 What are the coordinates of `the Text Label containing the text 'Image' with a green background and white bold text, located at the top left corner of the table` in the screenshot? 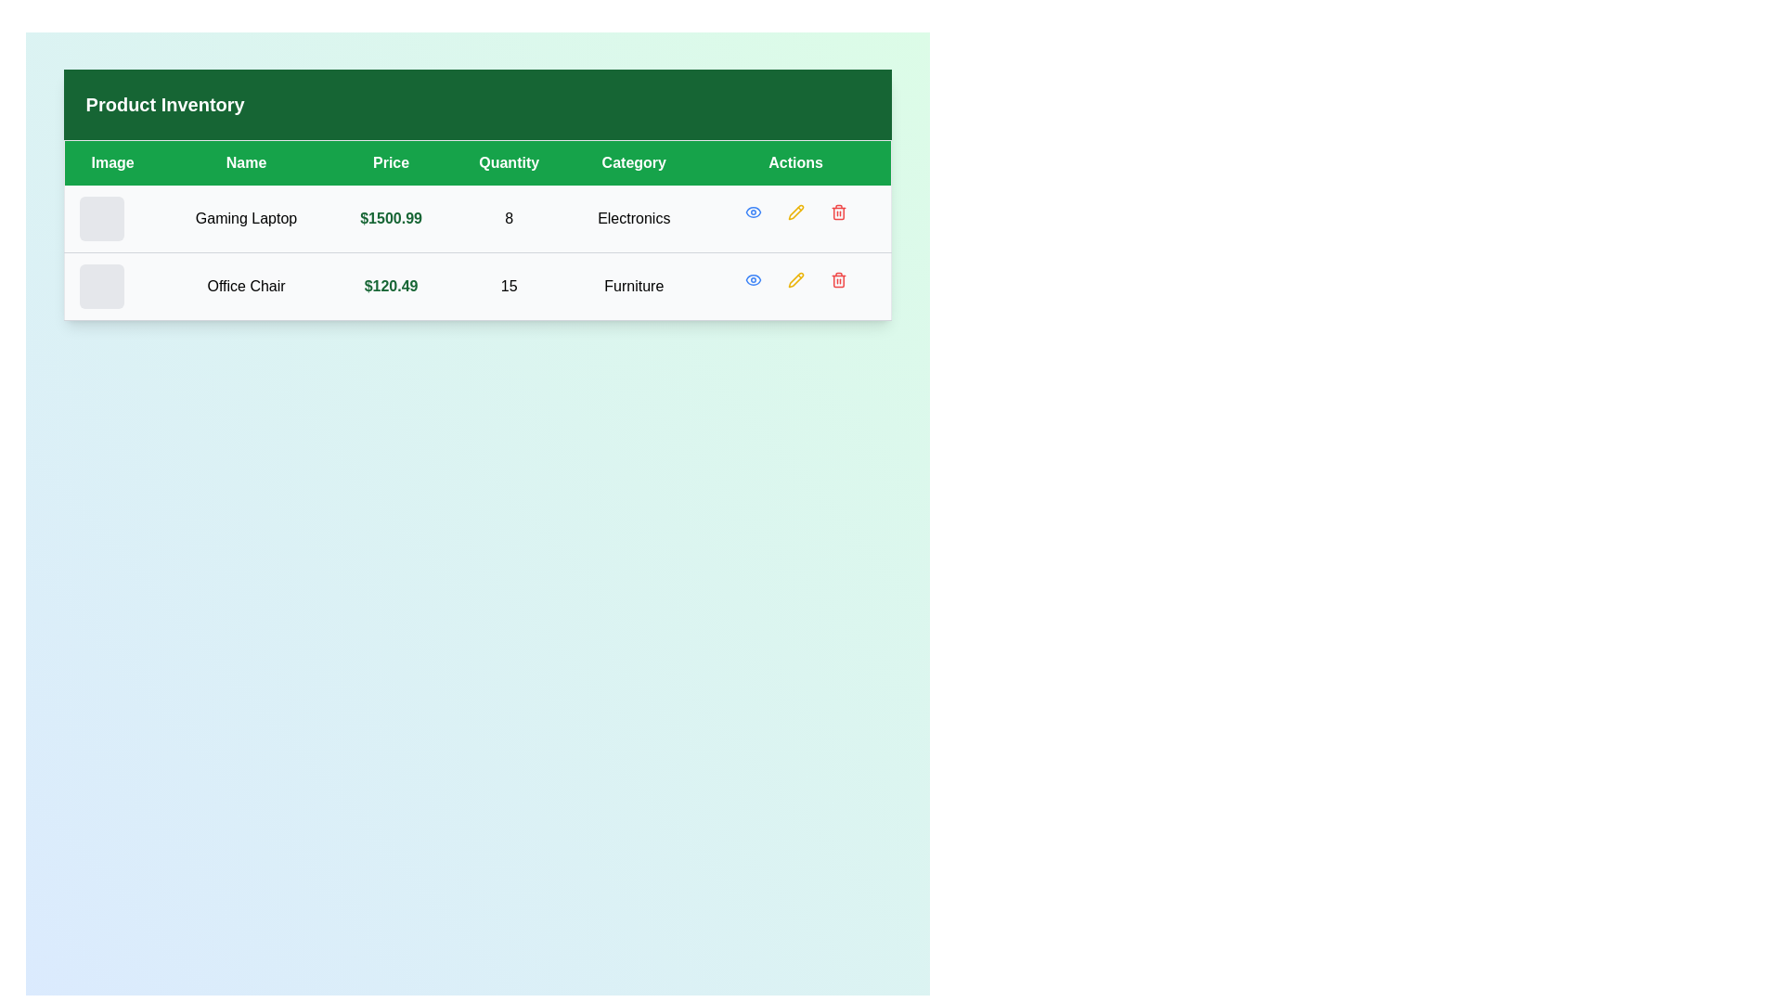 It's located at (111, 161).